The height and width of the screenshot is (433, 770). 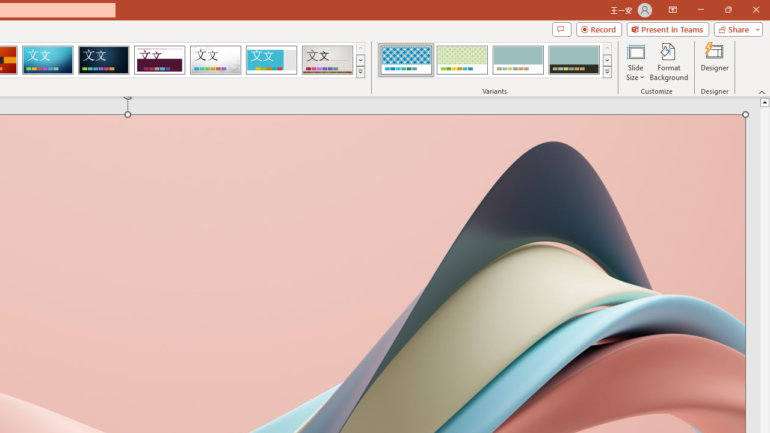 What do you see at coordinates (215, 60) in the screenshot?
I see `'Droplet'` at bounding box center [215, 60].